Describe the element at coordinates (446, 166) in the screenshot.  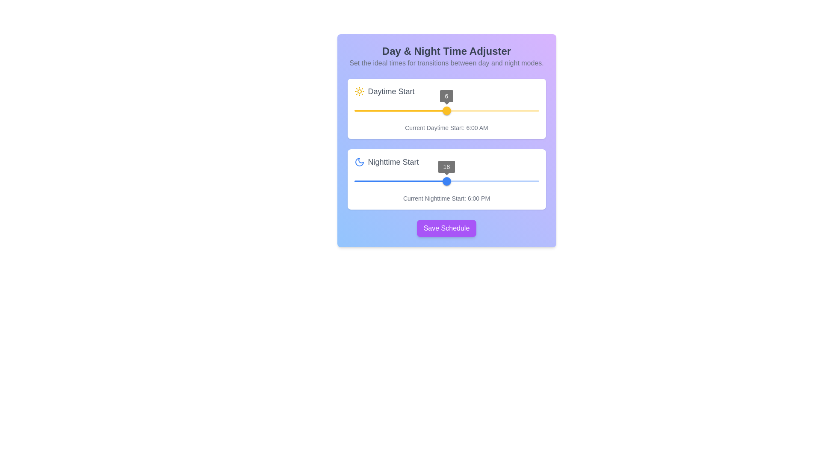
I see `the circular label displaying the value '18', which is positioned above the nighttime start slider's knob, to observe its behavior` at that location.